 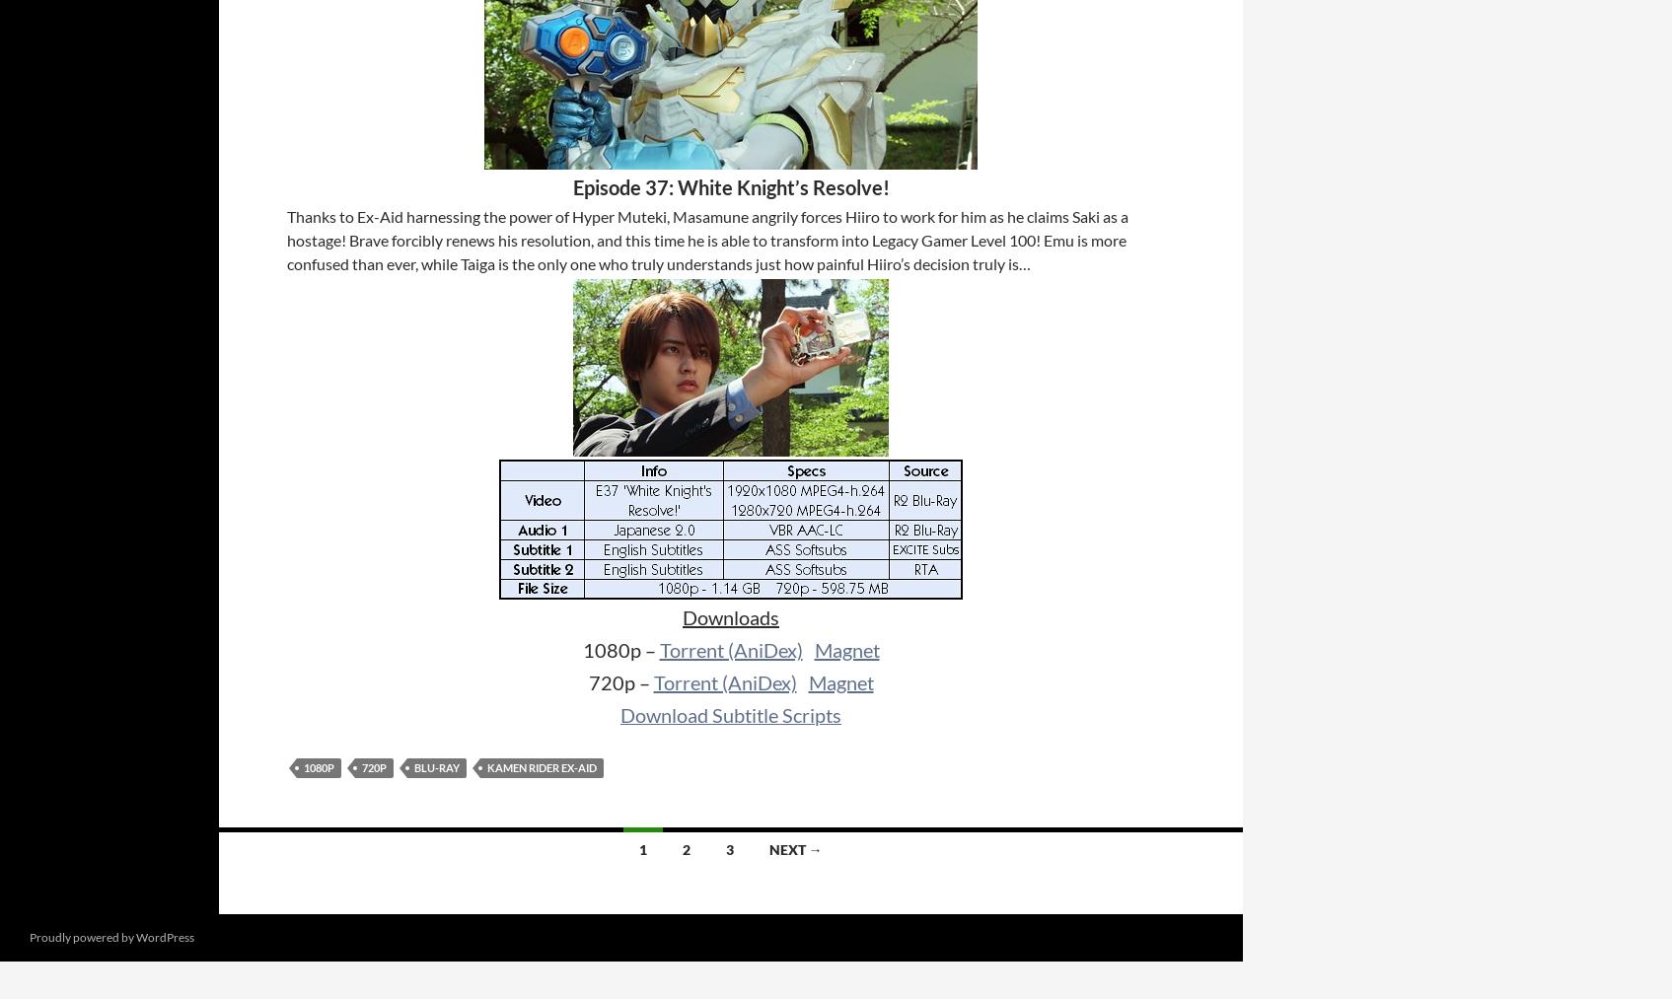 I want to click on 'Kamen Rider Ex-Aid', so click(x=542, y=767).